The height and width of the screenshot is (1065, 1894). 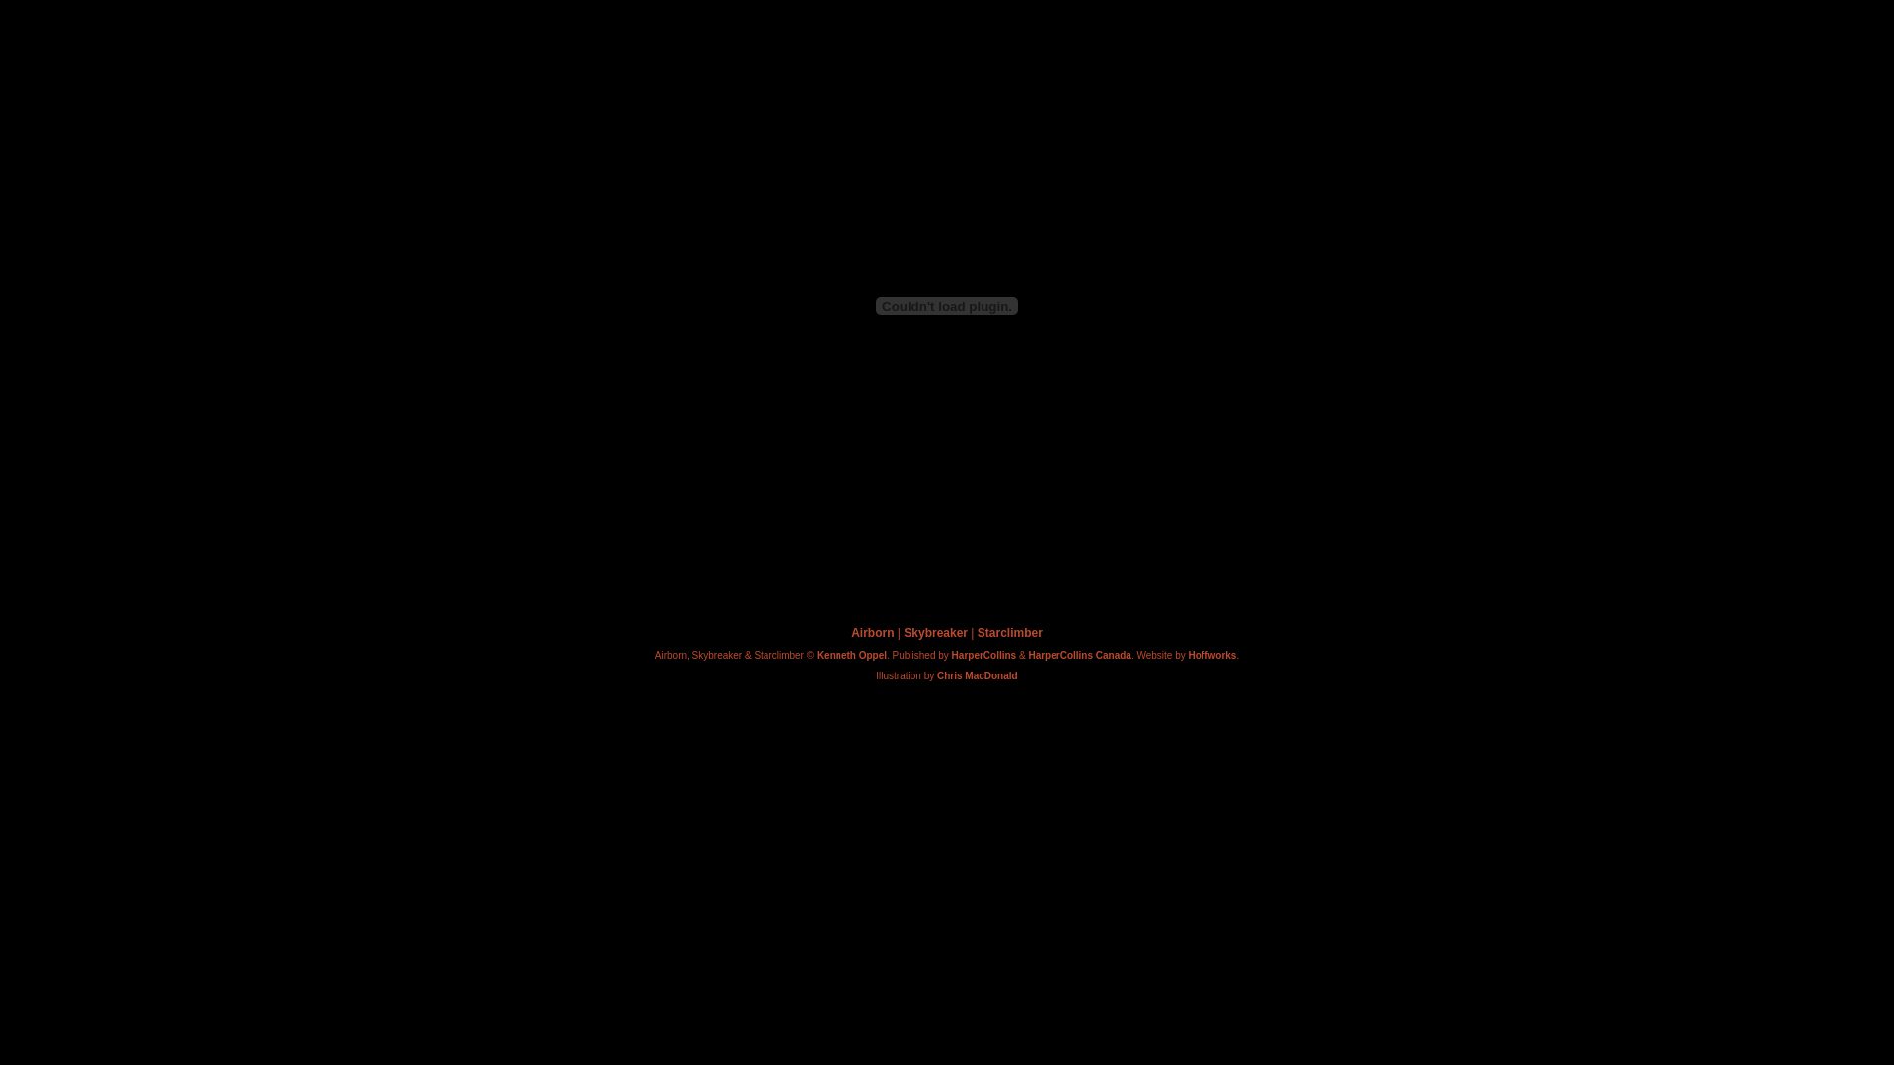 What do you see at coordinates (1078, 655) in the screenshot?
I see `'HarperCollins Canada'` at bounding box center [1078, 655].